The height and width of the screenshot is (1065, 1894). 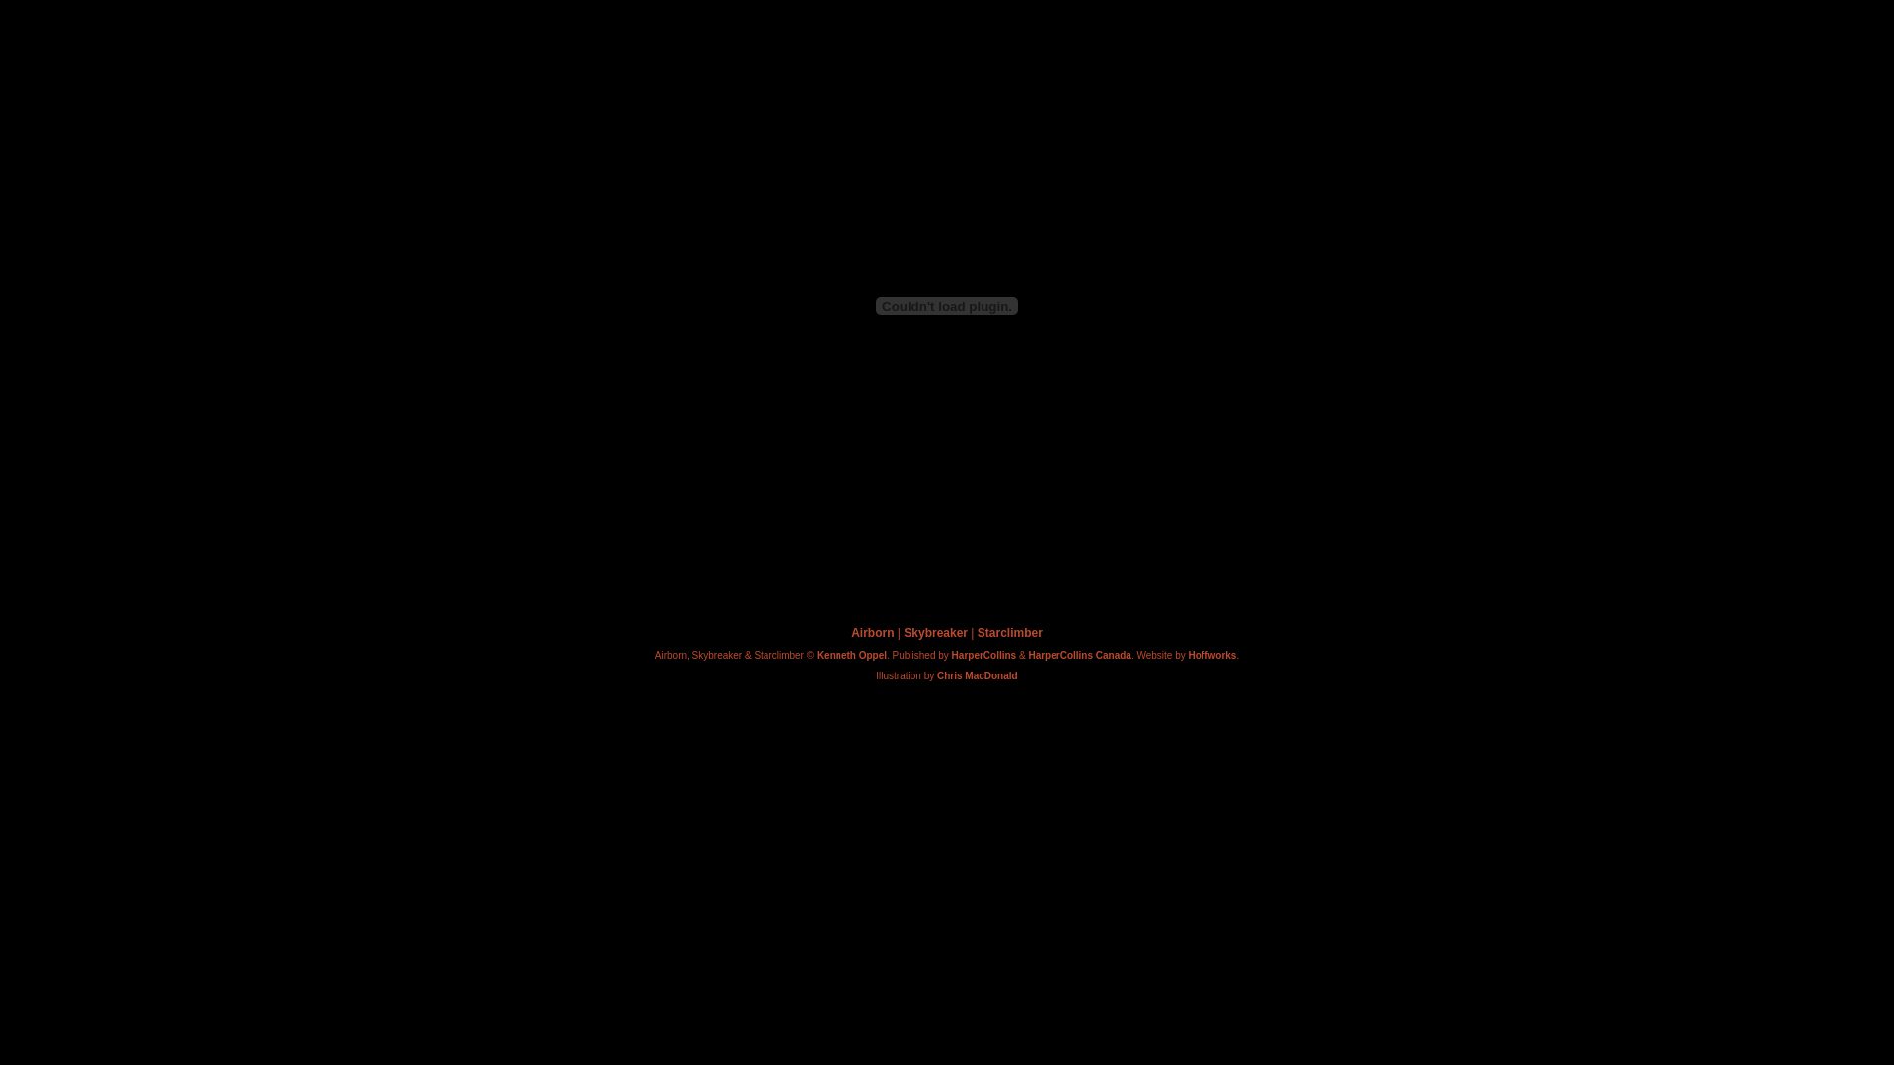 What do you see at coordinates (1078, 655) in the screenshot?
I see `'HarperCollins Canada'` at bounding box center [1078, 655].